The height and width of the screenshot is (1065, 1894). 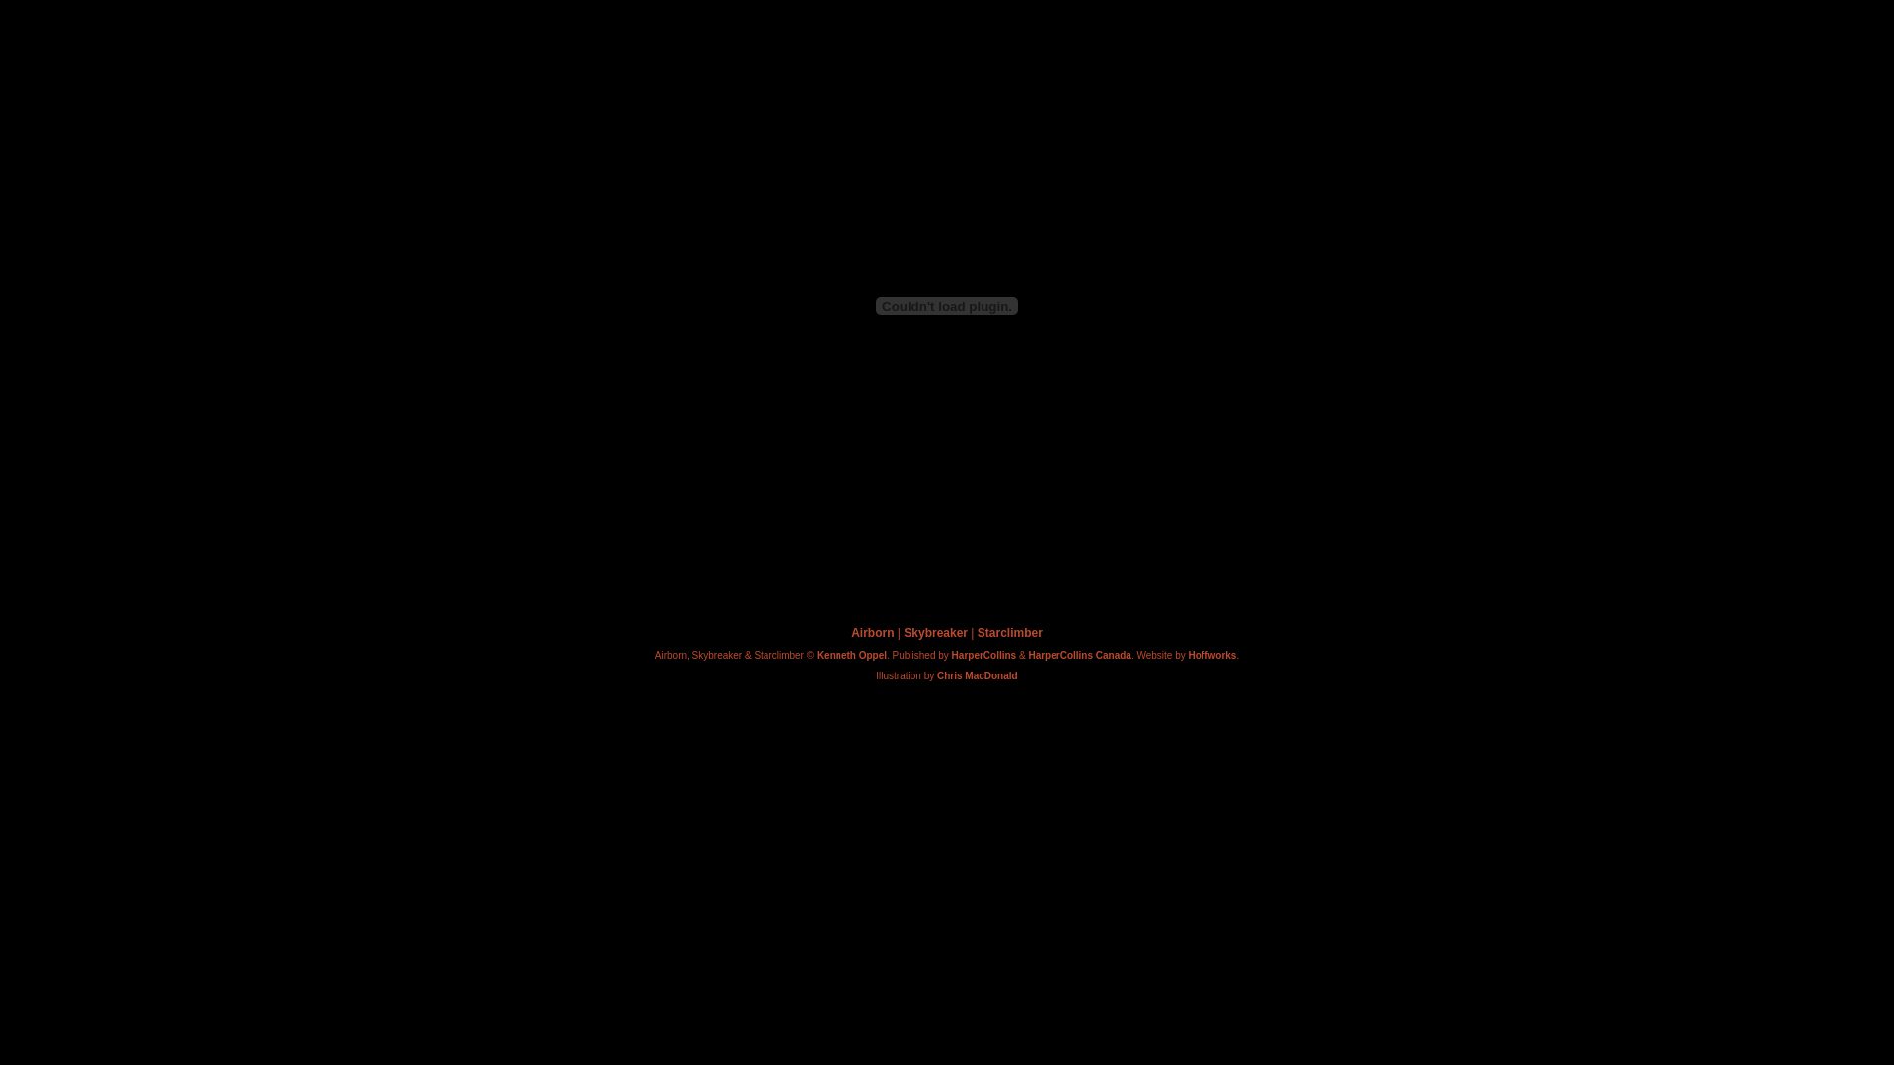 What do you see at coordinates (1078, 655) in the screenshot?
I see `'HarperCollins Canada'` at bounding box center [1078, 655].